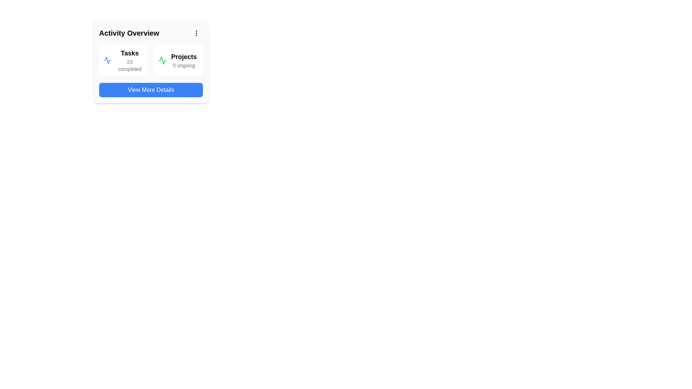  I want to click on text of the 'Tasks' label located in the upper-left section of the card layout, above the text '23 completed', so click(130, 53).